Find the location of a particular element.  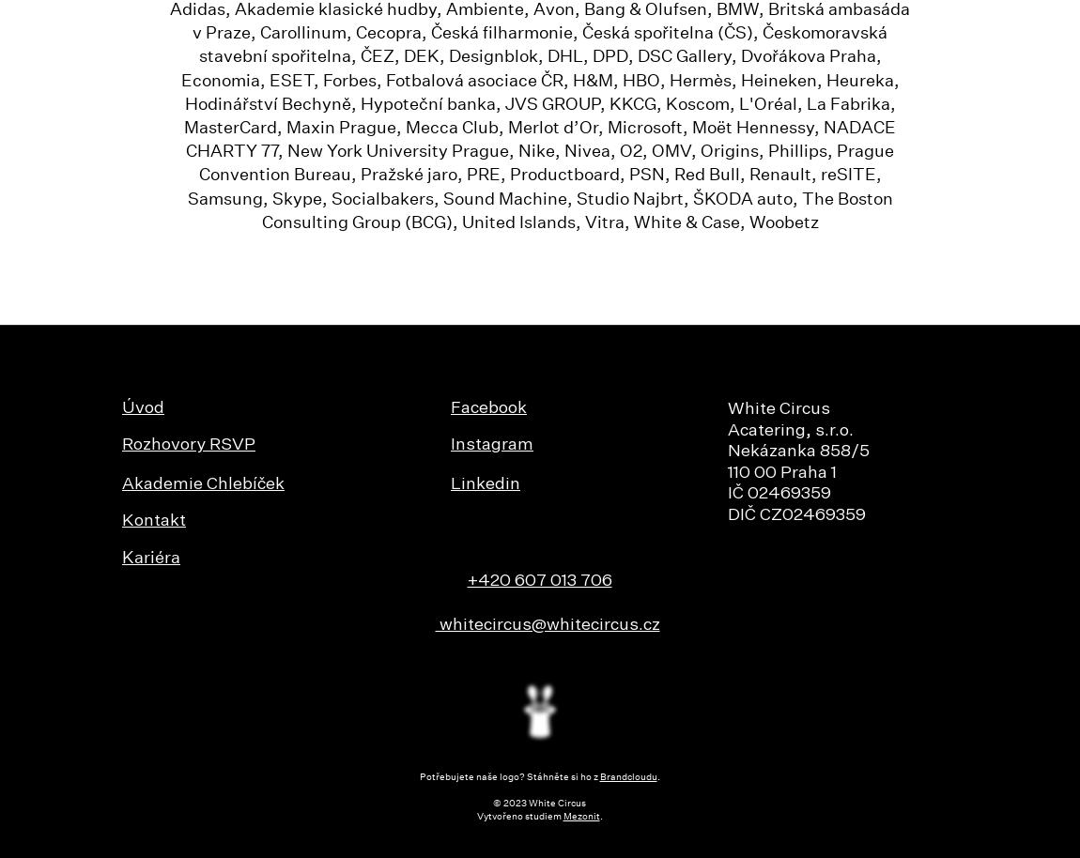

'whitecircus@whitecircus.cz' is located at coordinates (546, 625).